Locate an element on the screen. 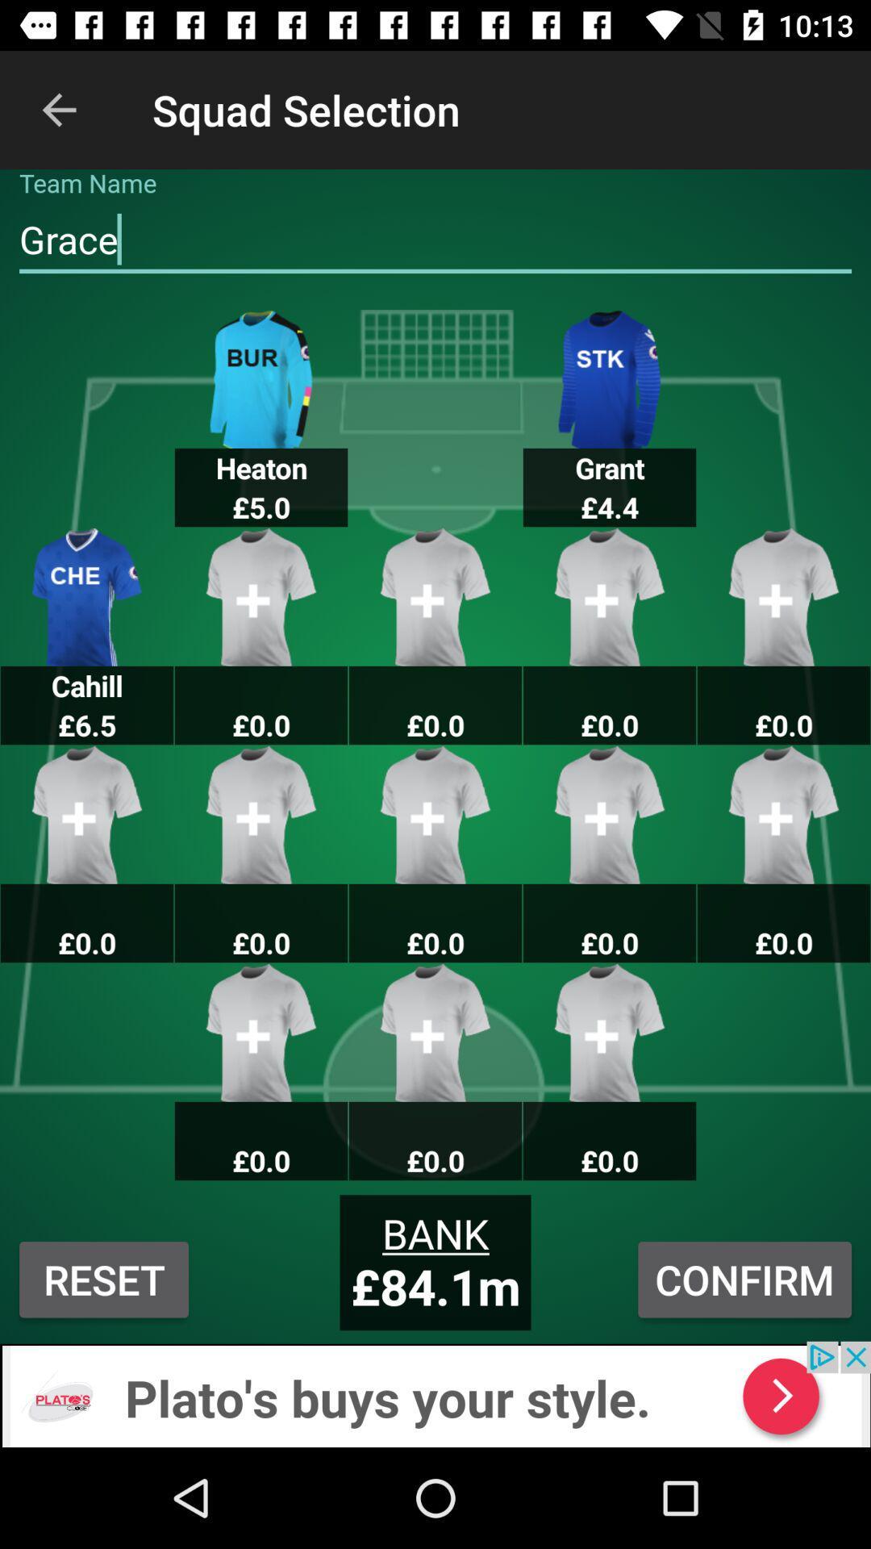  the last plus symbol grey color tshirt is located at coordinates (610, 1033).